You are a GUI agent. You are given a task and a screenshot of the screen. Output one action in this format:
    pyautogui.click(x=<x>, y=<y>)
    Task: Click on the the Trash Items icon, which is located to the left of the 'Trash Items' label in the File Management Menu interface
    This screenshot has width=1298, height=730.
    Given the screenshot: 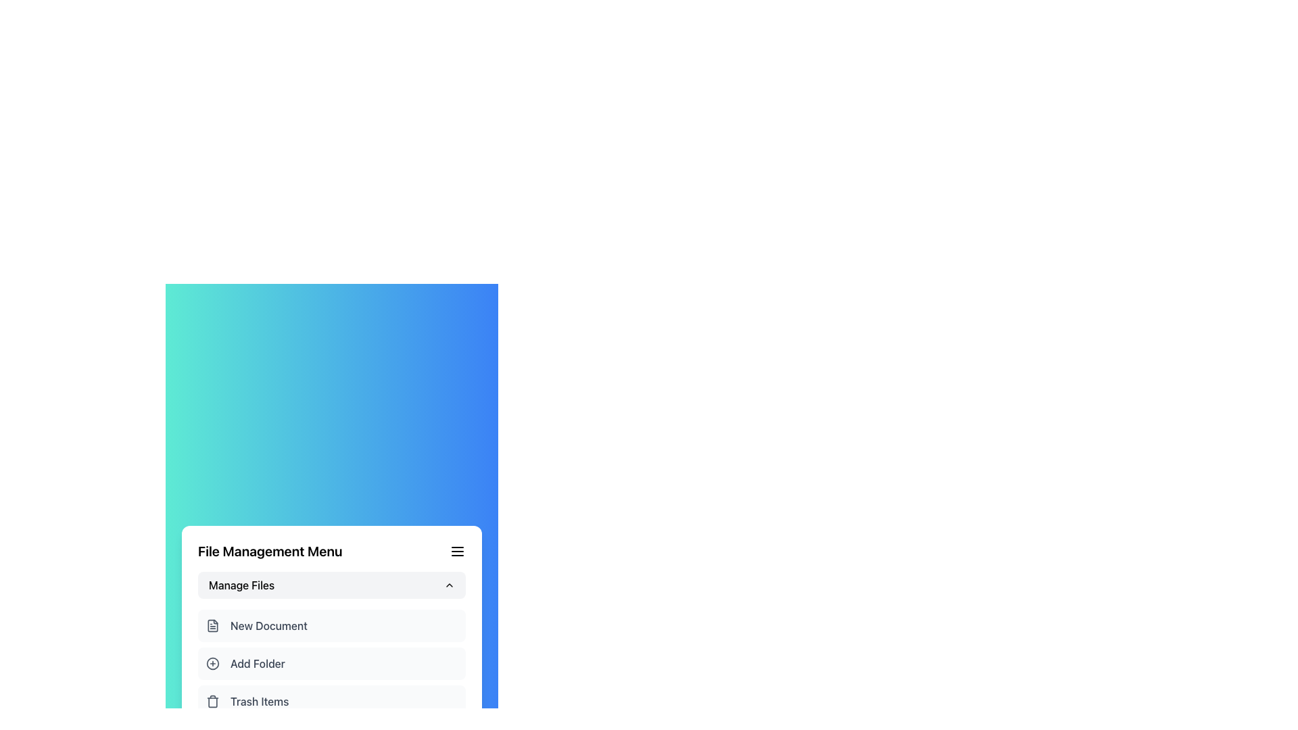 What is the action you would take?
    pyautogui.click(x=212, y=700)
    